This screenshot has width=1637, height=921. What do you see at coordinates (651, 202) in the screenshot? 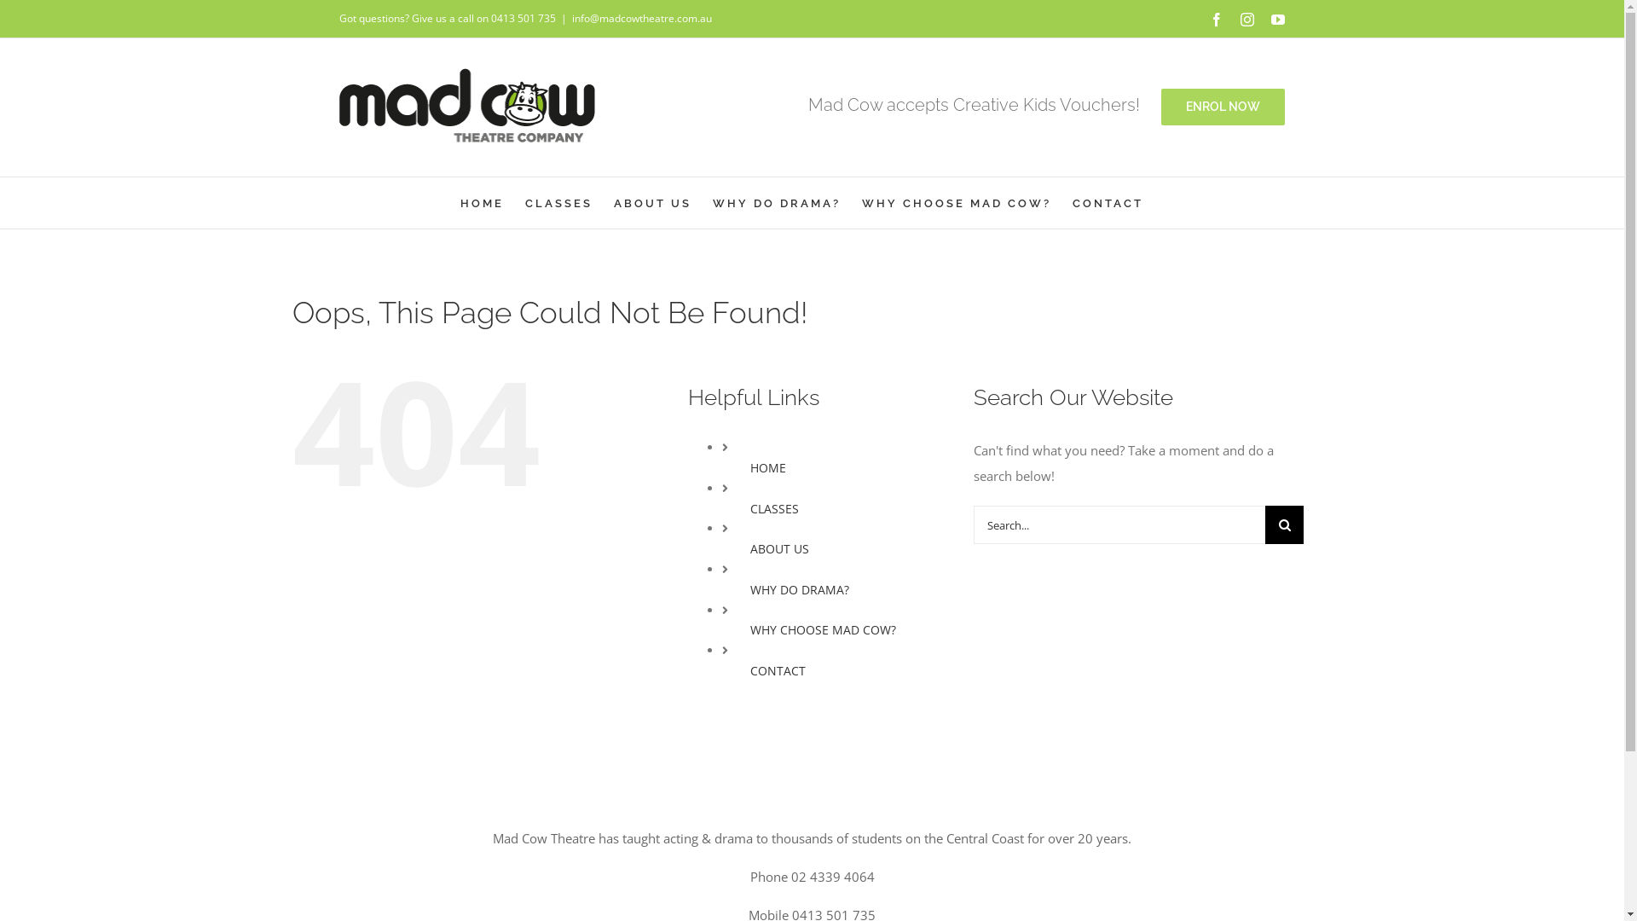
I see `'ABOUT US'` at bounding box center [651, 202].